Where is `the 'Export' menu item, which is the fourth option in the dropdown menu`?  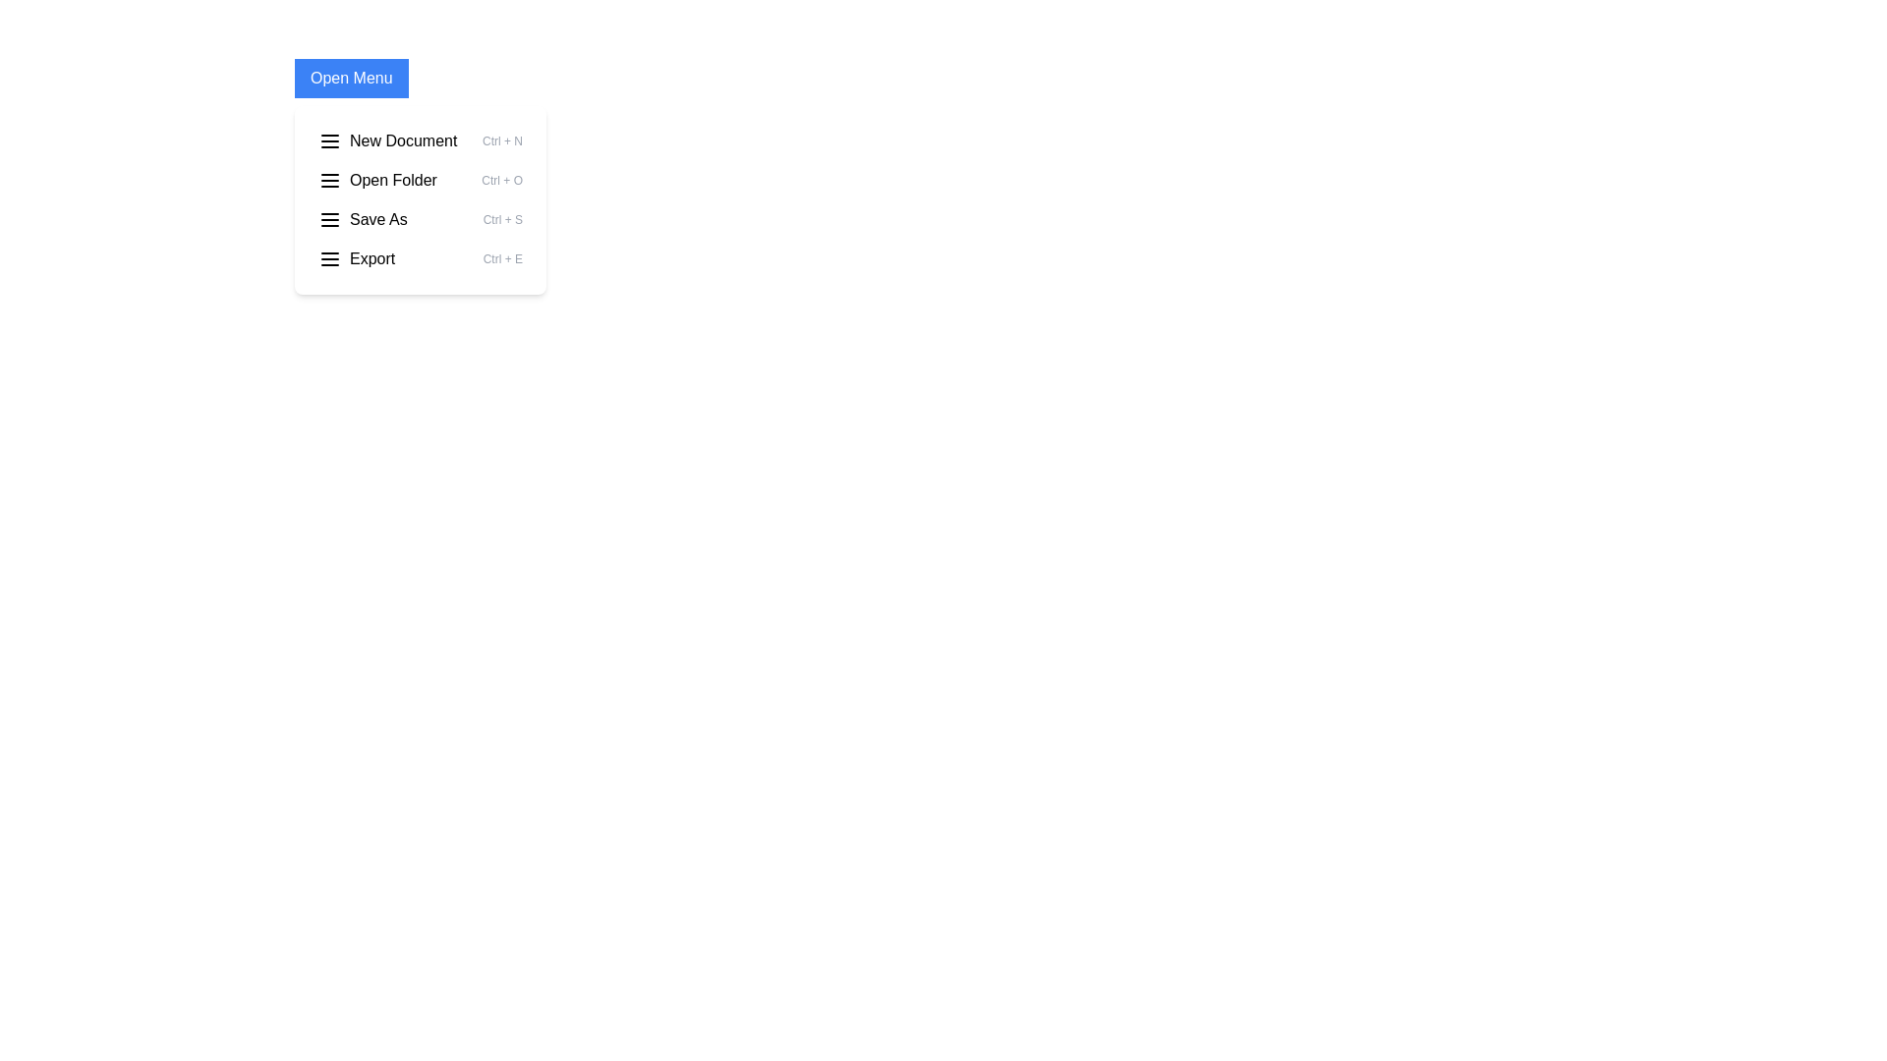 the 'Export' menu item, which is the fourth option in the dropdown menu is located at coordinates (357, 257).